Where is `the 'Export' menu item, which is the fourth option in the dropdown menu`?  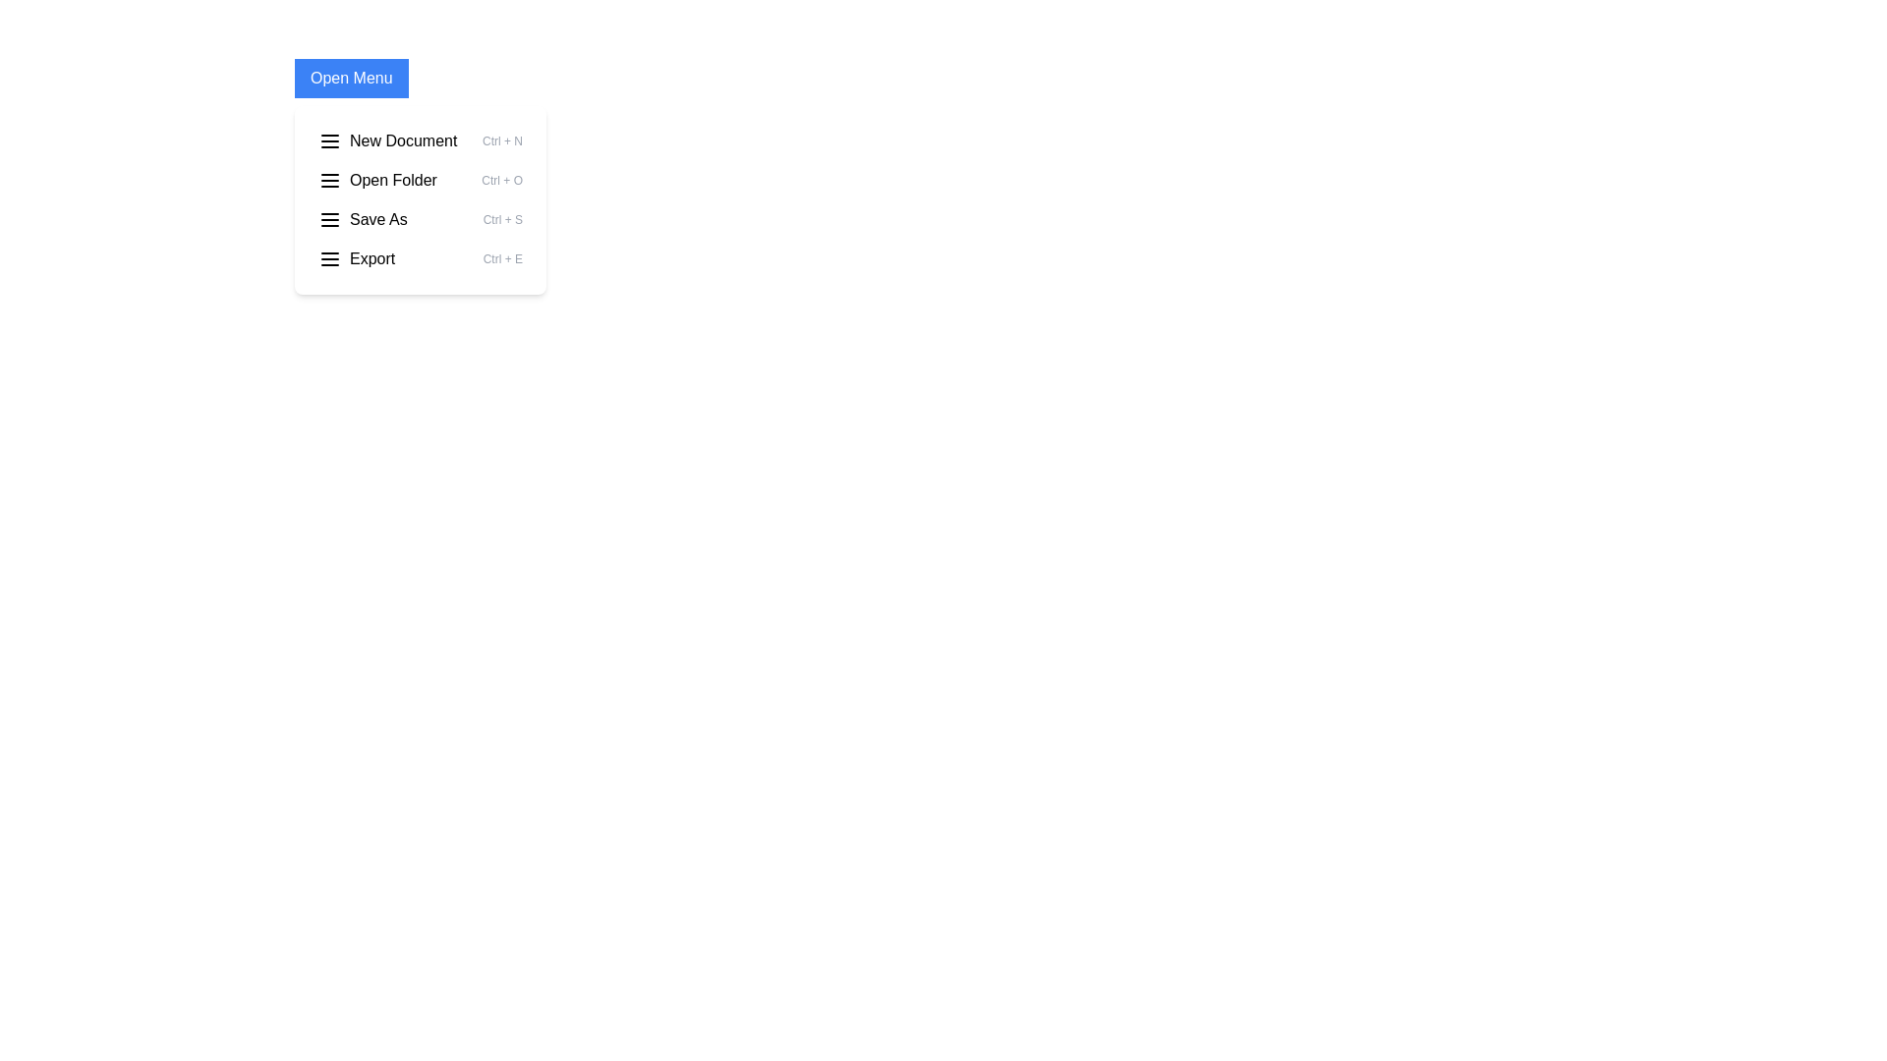 the 'Export' menu item, which is the fourth option in the dropdown menu is located at coordinates (357, 257).